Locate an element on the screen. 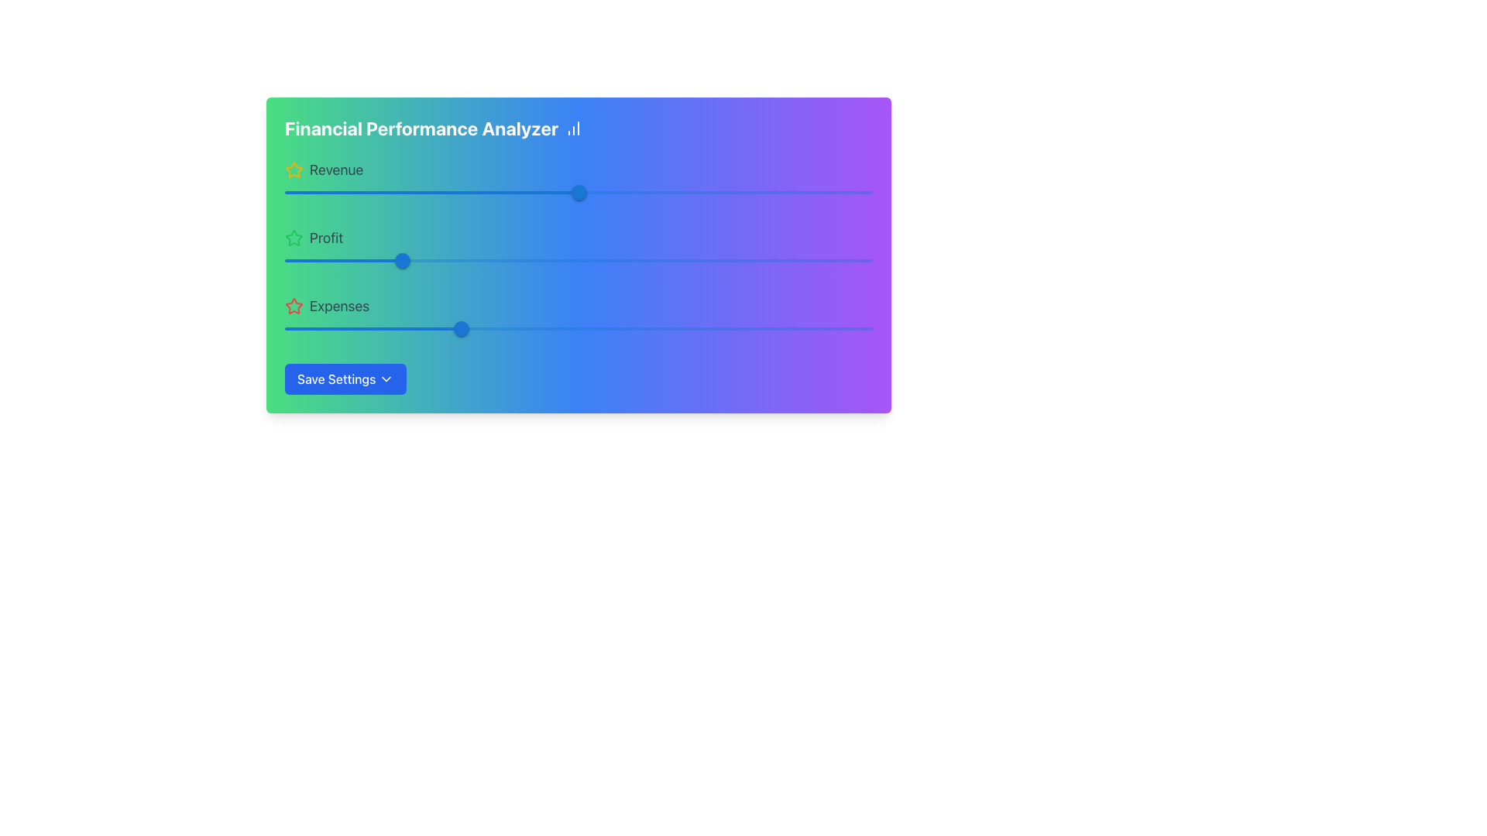 Image resolution: width=1487 pixels, height=836 pixels. the slider track of the 'Expenses' slider, which is a thin rectangular component located below the 'Profit' slider and extends to approximately 30% of the slider's total width is located at coordinates (373, 327).